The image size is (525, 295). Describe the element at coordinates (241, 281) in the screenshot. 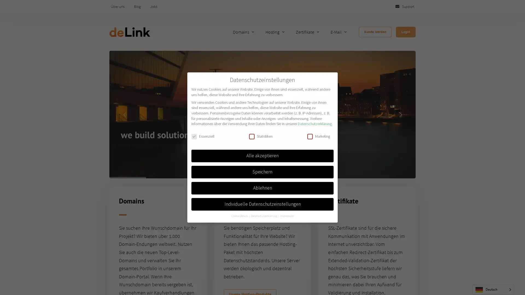

I see `Speichern` at that location.